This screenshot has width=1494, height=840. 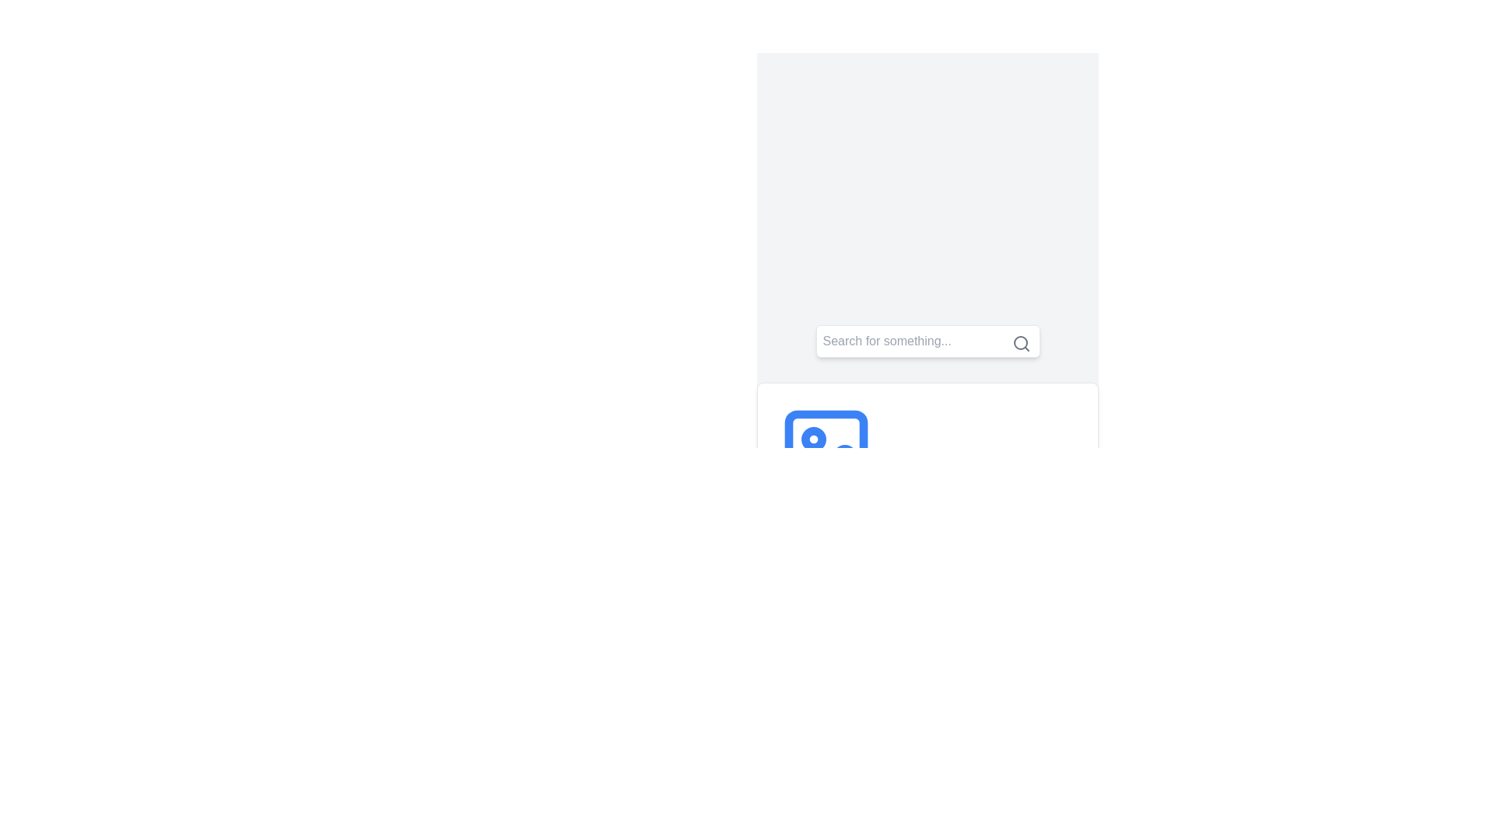 What do you see at coordinates (813, 439) in the screenshot?
I see `the small circle SVG element, which is a dot located slightly to the left of the center and closer to the top edge of the SVG image icon` at bounding box center [813, 439].